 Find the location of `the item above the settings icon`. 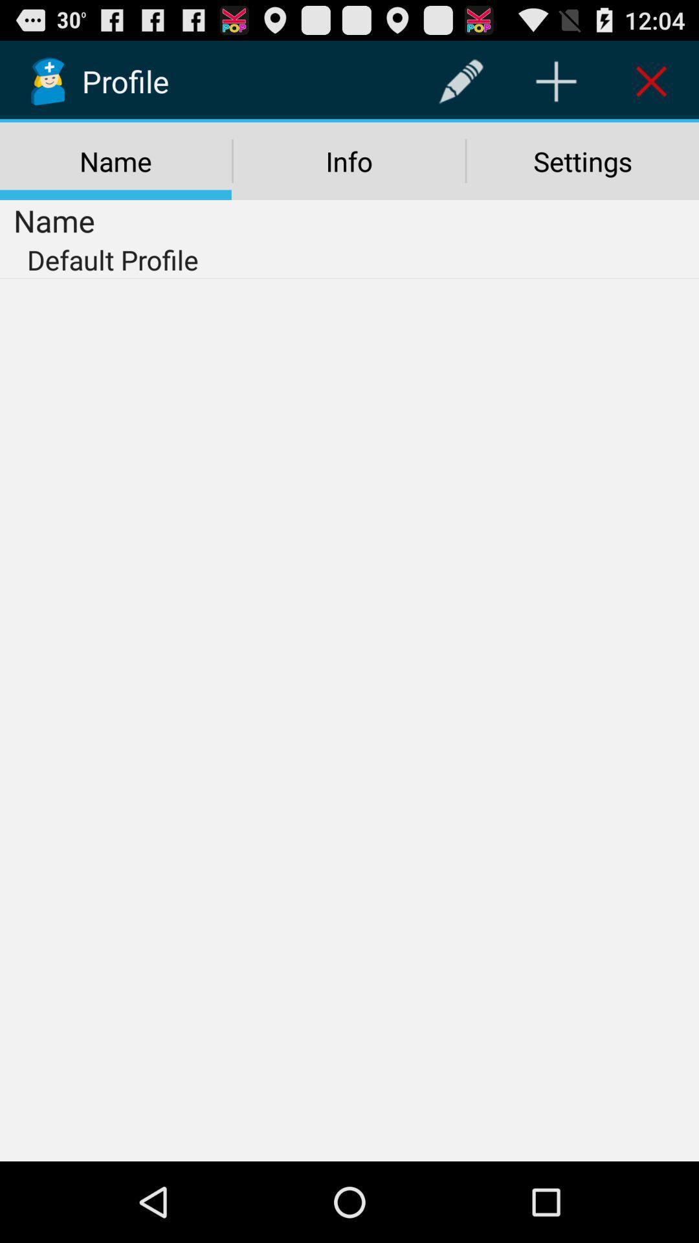

the item above the settings icon is located at coordinates (555, 80).